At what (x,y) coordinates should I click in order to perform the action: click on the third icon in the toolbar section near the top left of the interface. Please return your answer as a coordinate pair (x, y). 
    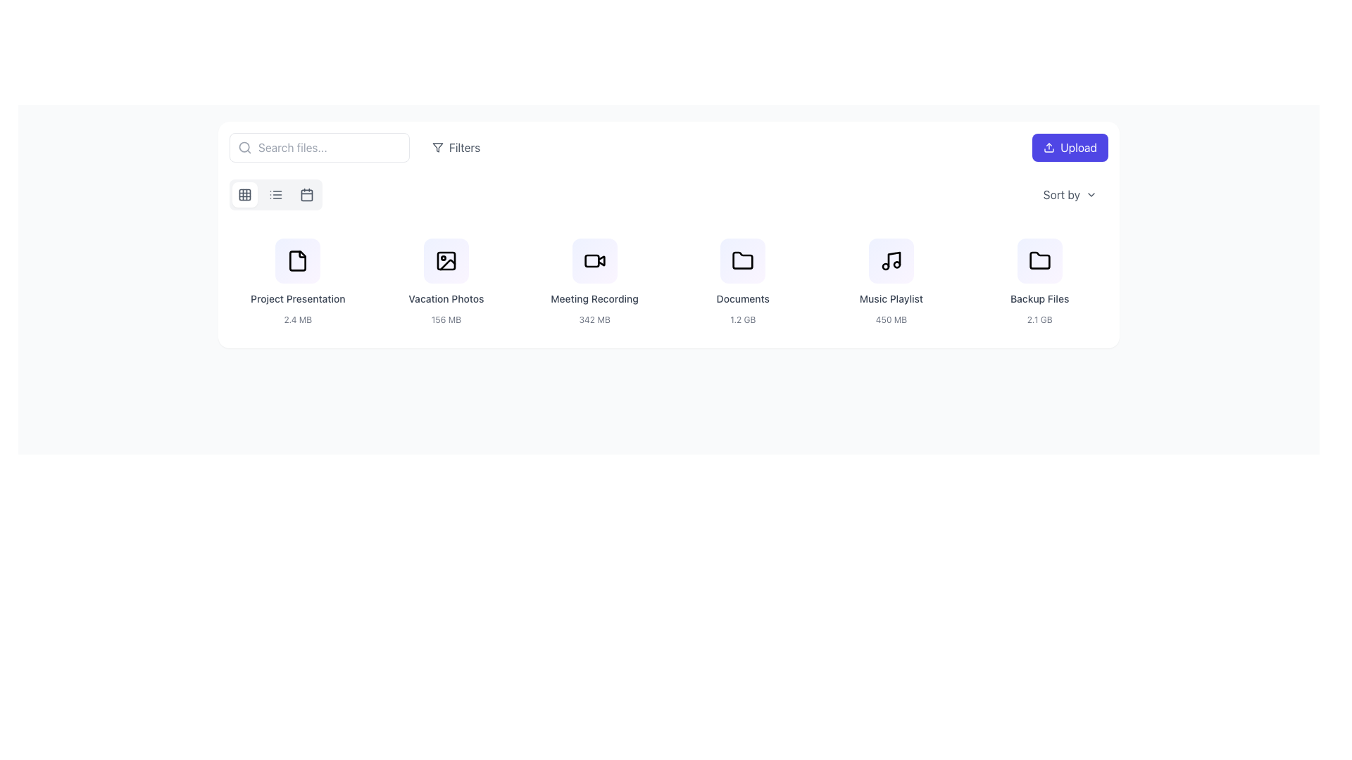
    Looking at the image, I should click on (306, 195).